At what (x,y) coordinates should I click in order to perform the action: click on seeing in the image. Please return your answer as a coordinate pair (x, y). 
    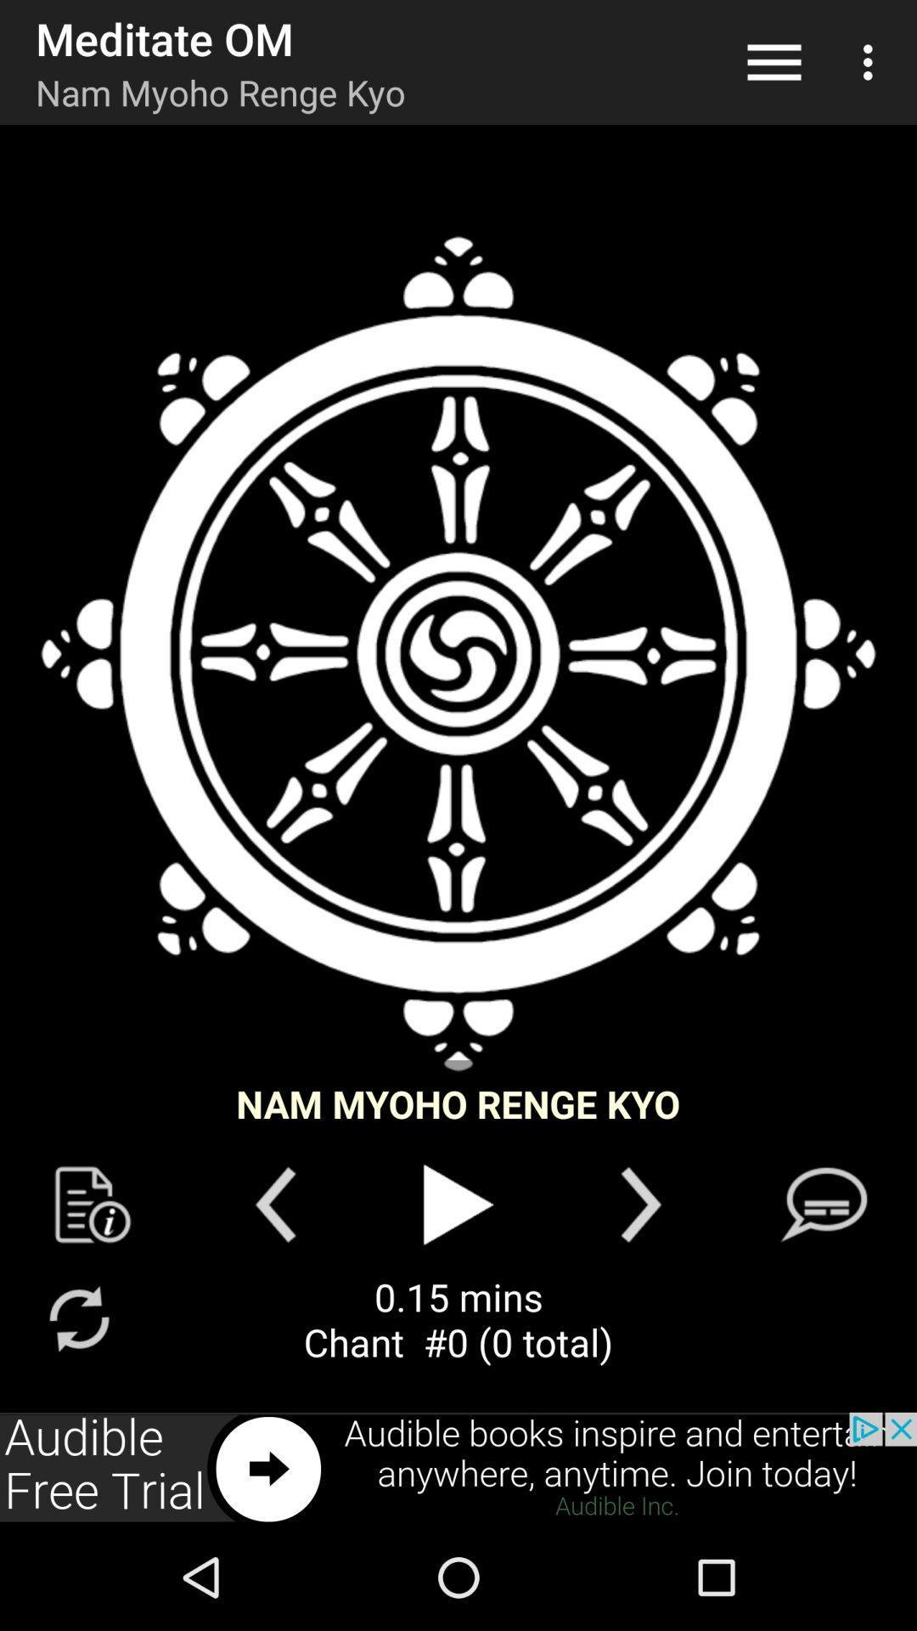
    Looking at the image, I should click on (458, 652).